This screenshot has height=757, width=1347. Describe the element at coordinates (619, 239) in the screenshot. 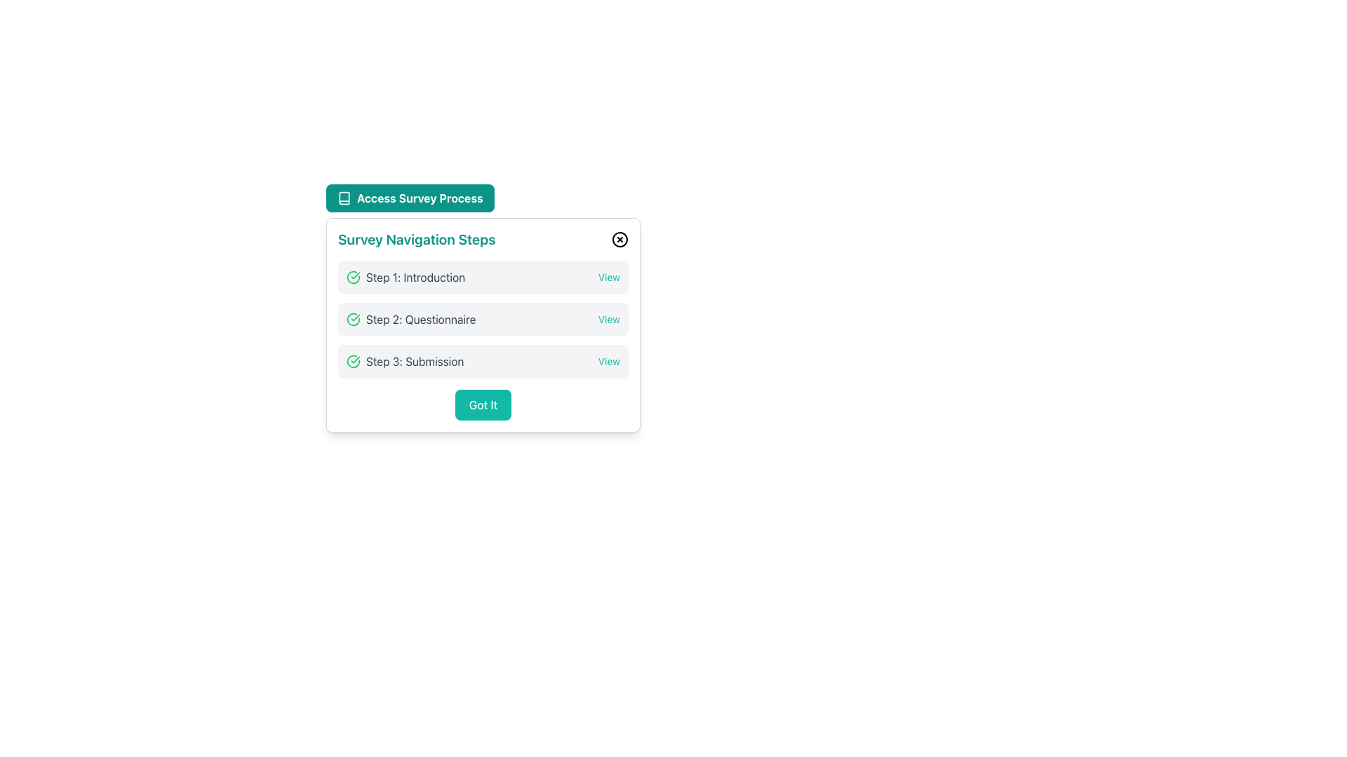

I see `the decorative circular UI element at the center of the close button icon` at that location.